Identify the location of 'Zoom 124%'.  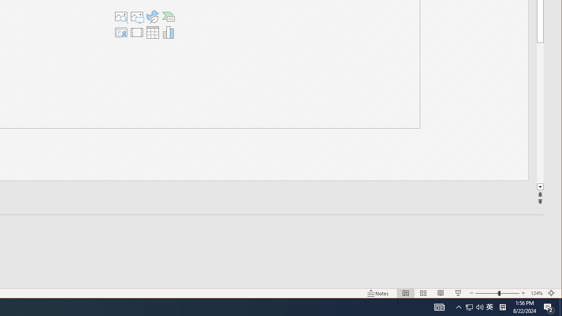
(536, 293).